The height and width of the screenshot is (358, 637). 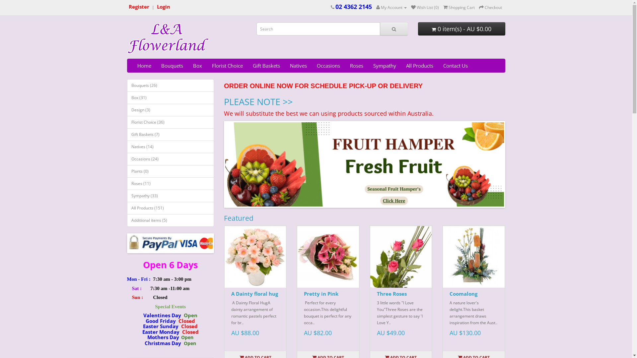 I want to click on 'Wish List (0)', so click(x=425, y=7).